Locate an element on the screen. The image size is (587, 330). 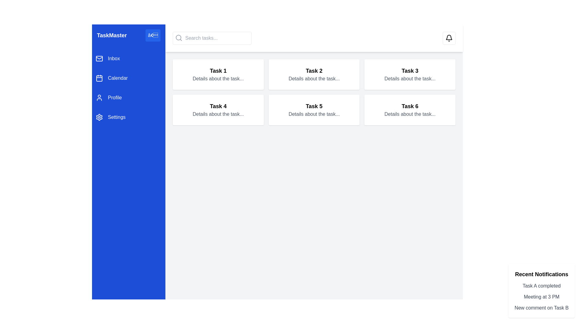
the SVG rectangle element representing a calendar, located centrally within the sidebar menu, positioned between the 'Inbox' and 'Profile' items is located at coordinates (99, 78).